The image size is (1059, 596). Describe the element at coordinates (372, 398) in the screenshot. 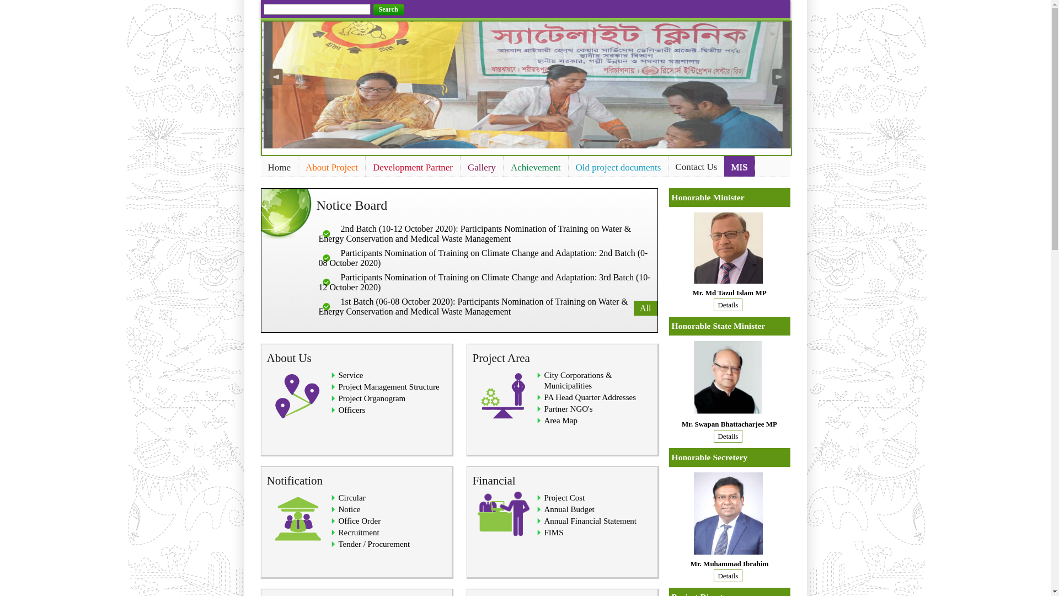

I see `'Project Organogram'` at that location.